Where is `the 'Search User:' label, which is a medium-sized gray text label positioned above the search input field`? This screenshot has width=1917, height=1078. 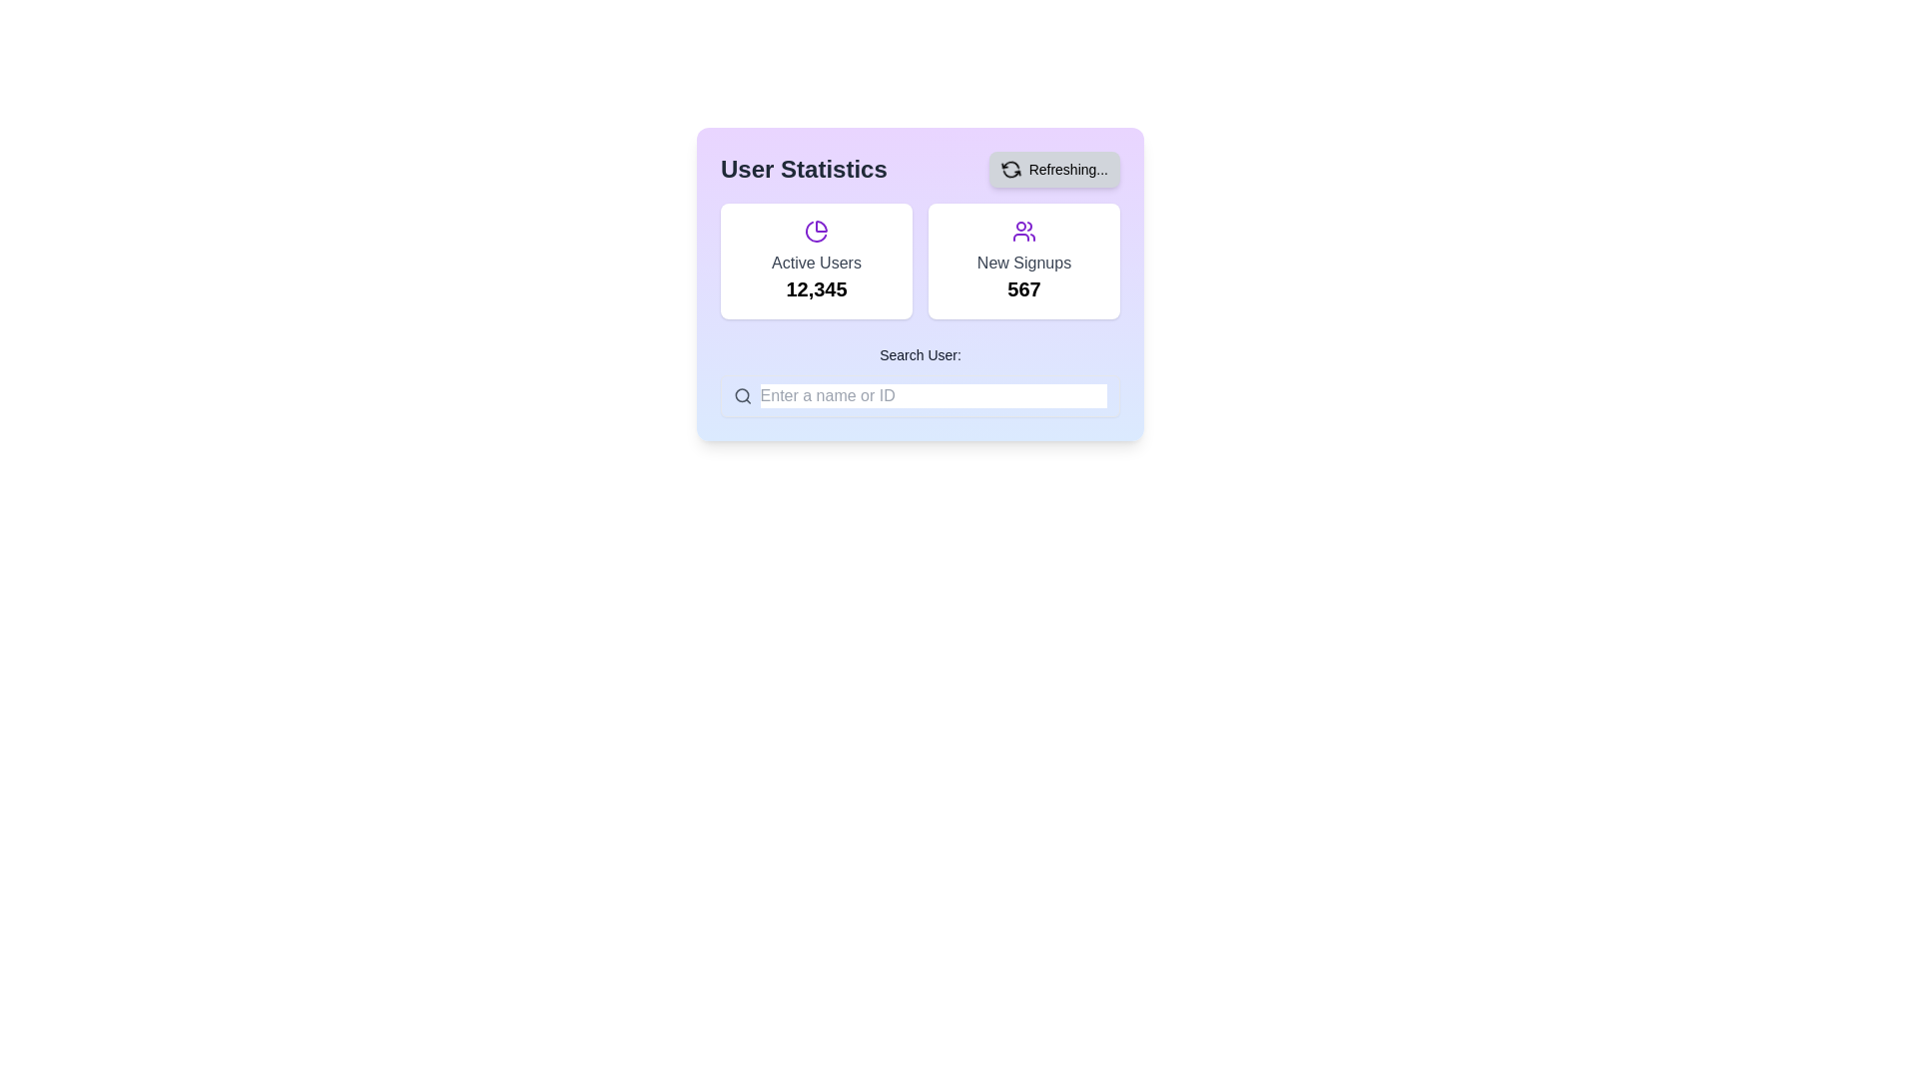 the 'Search User:' label, which is a medium-sized gray text label positioned above the search input field is located at coordinates (919, 353).